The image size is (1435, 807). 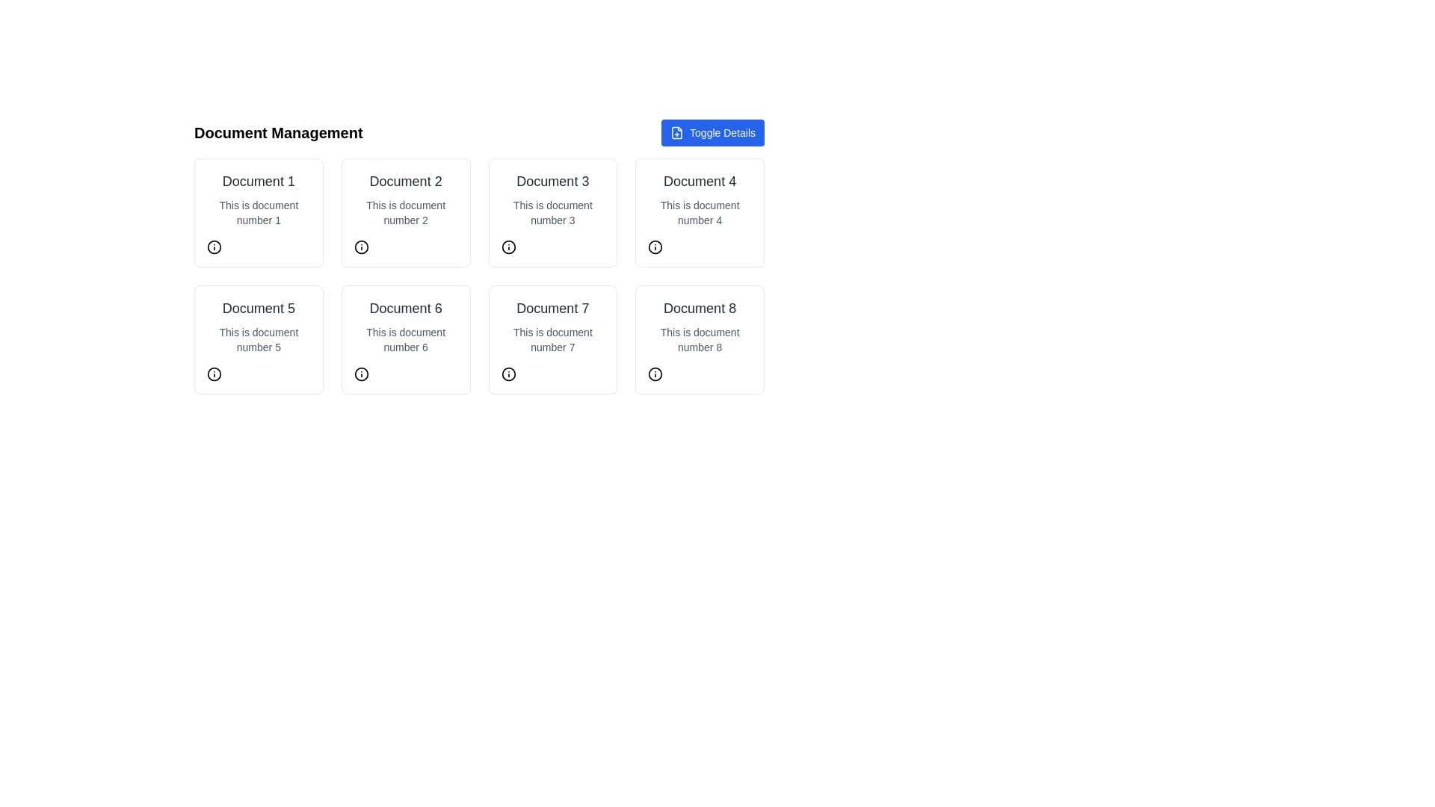 What do you see at coordinates (259, 213) in the screenshot?
I see `descriptive text located in the card associated with 'Document 1', positioned below the title 'Document 1' and above the info icon` at bounding box center [259, 213].